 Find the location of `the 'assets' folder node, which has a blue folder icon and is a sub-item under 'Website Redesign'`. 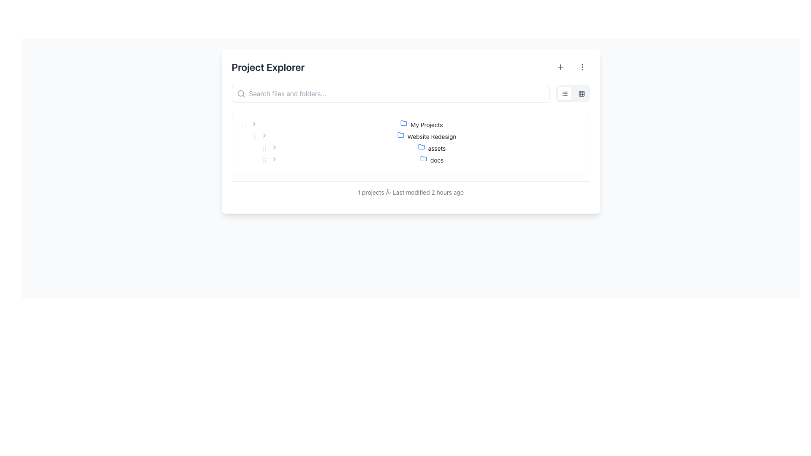

the 'assets' folder node, which has a blue folder icon and is a sub-item under 'Website Redesign' is located at coordinates (411, 148).